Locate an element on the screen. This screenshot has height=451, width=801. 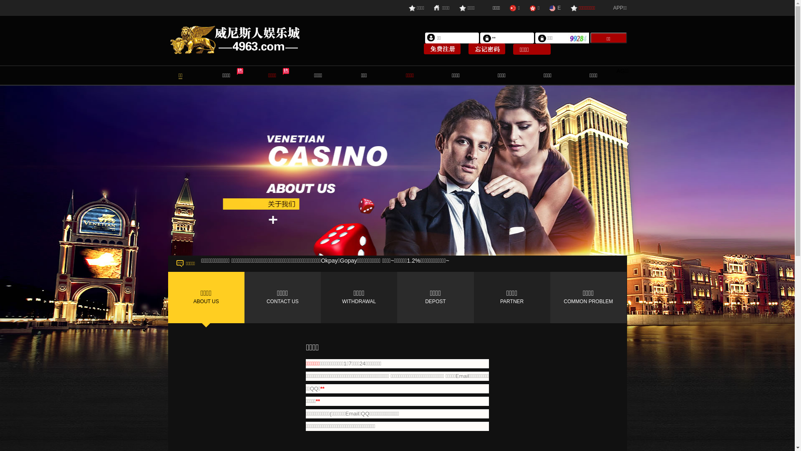
'E' is located at coordinates (554, 8).